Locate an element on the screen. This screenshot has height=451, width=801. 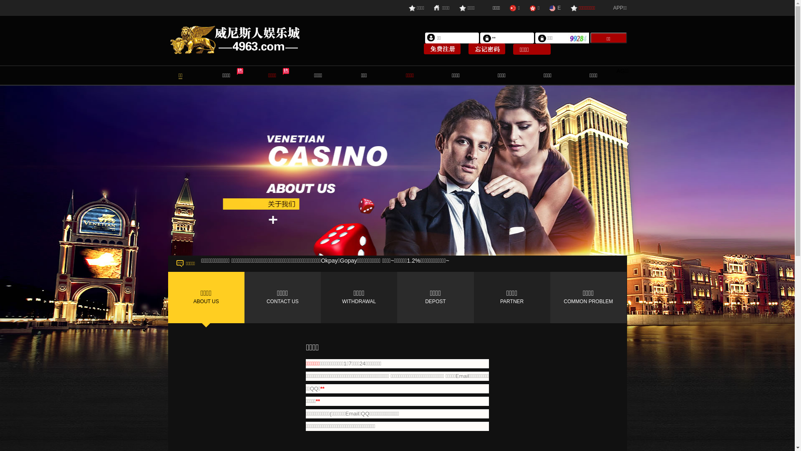
'E' is located at coordinates (554, 8).